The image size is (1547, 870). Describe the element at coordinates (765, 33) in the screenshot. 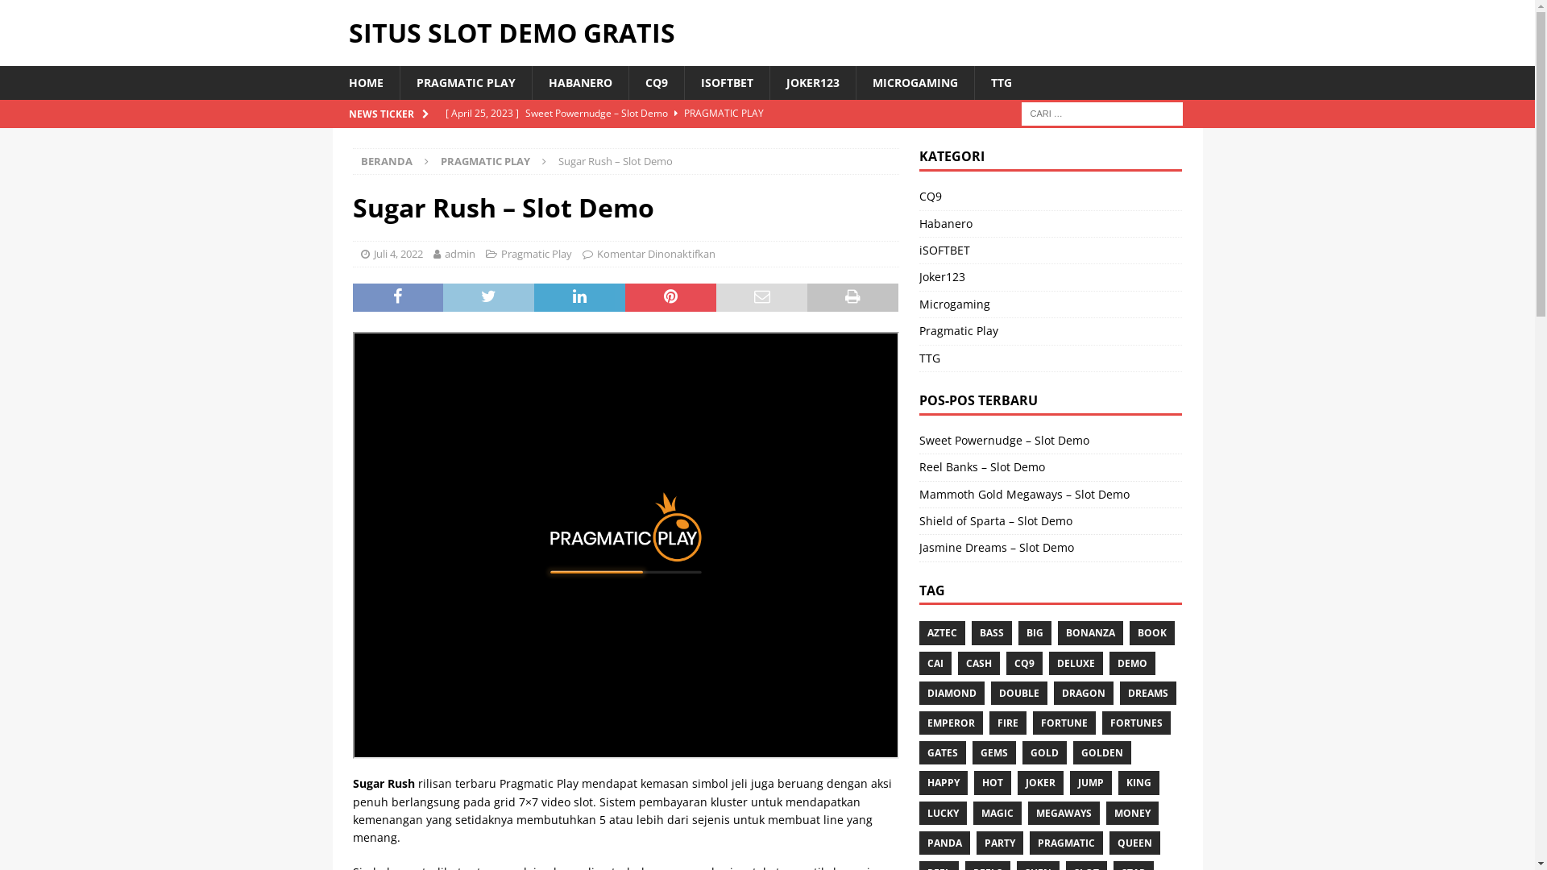

I see `'SITUS SLOT DEMO GRATIS'` at that location.